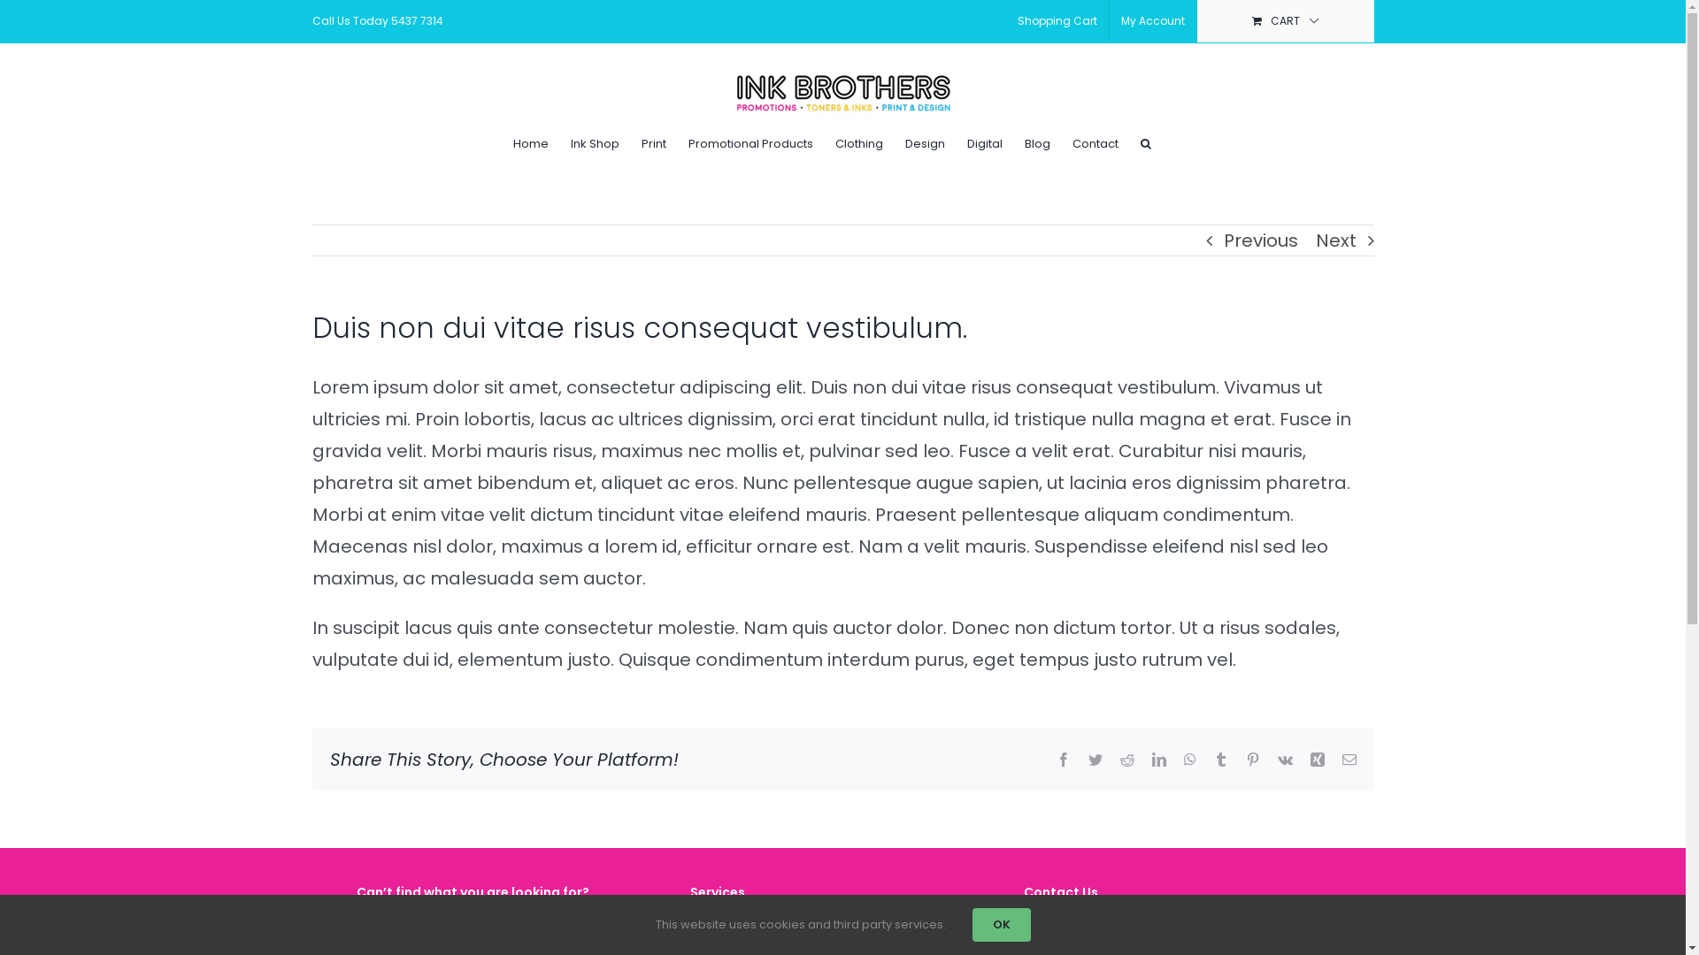 Image resolution: width=1699 pixels, height=955 pixels. I want to click on 'Contact', so click(1095, 142).